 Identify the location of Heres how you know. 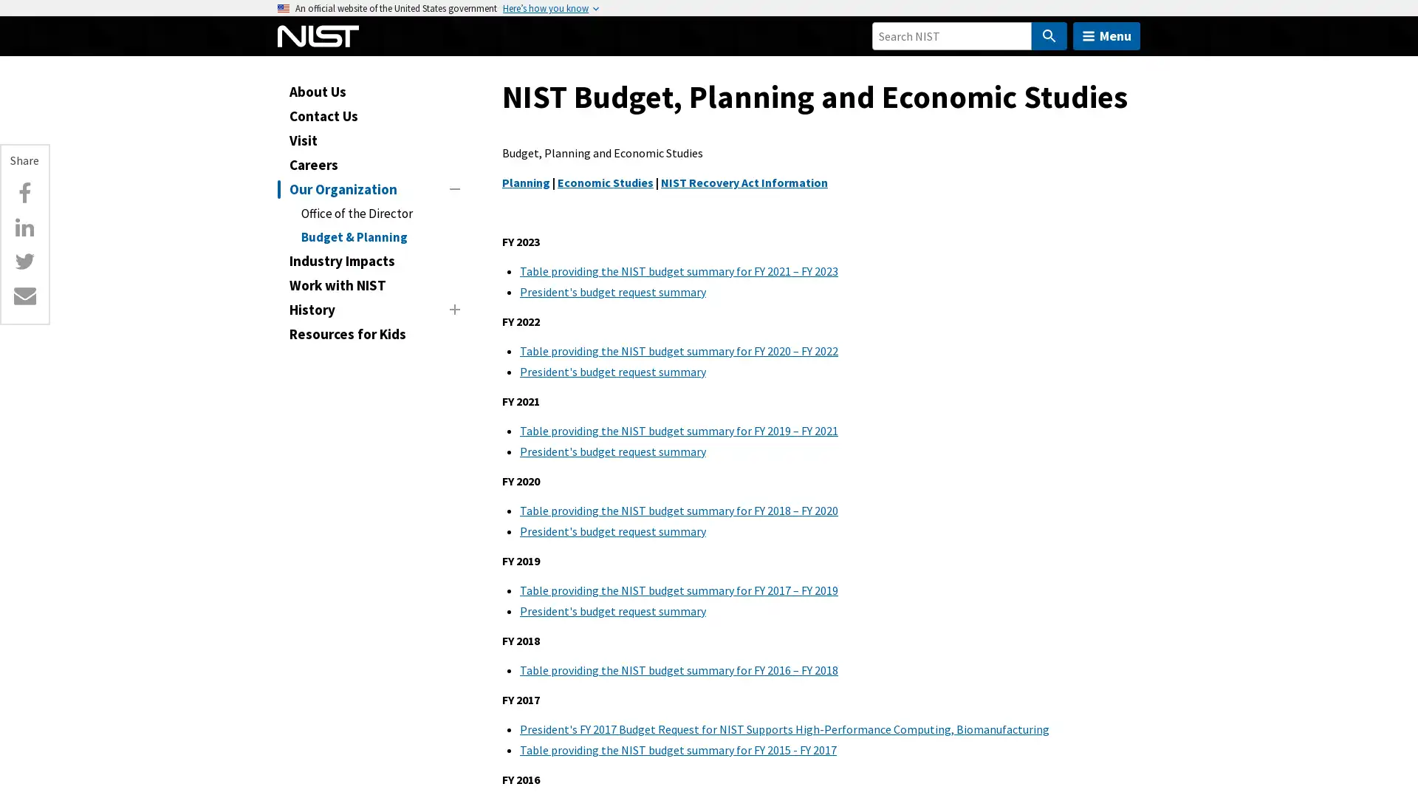
(545, 8).